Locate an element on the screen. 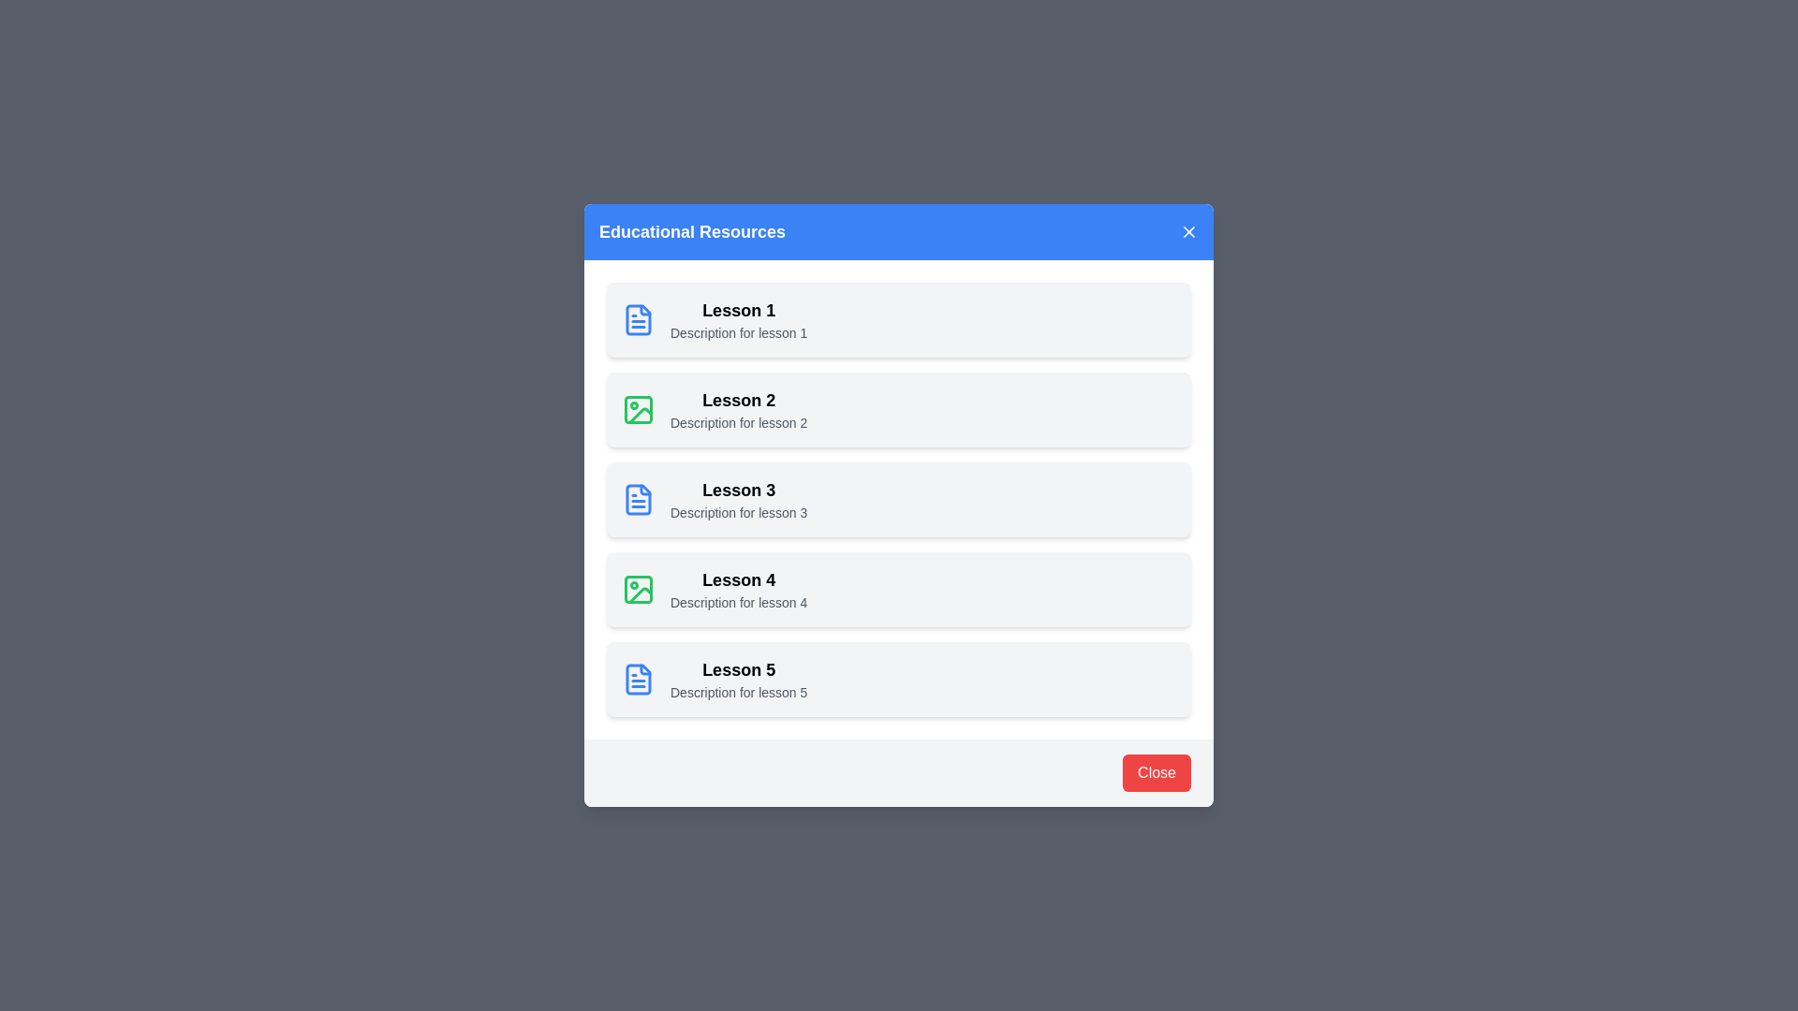  the 'Close' button to close the dialog is located at coordinates (1155, 772).